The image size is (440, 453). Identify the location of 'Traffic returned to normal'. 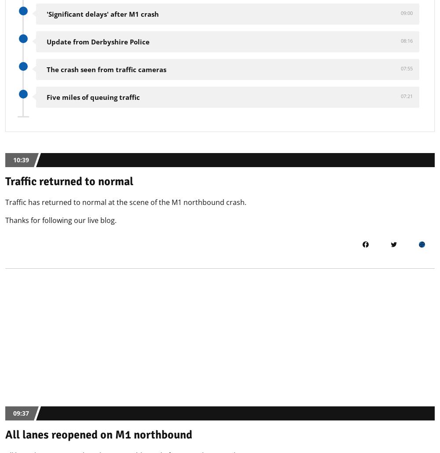
(69, 182).